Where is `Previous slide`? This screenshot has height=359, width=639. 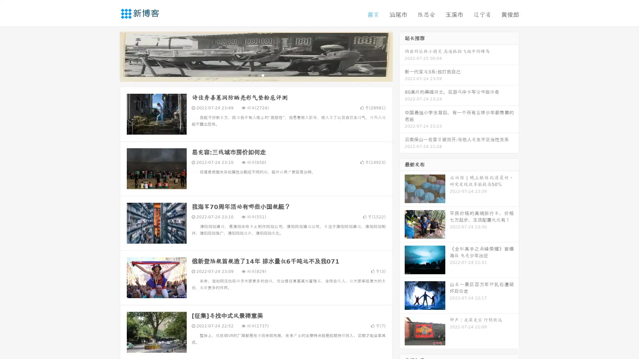 Previous slide is located at coordinates (110, 56).